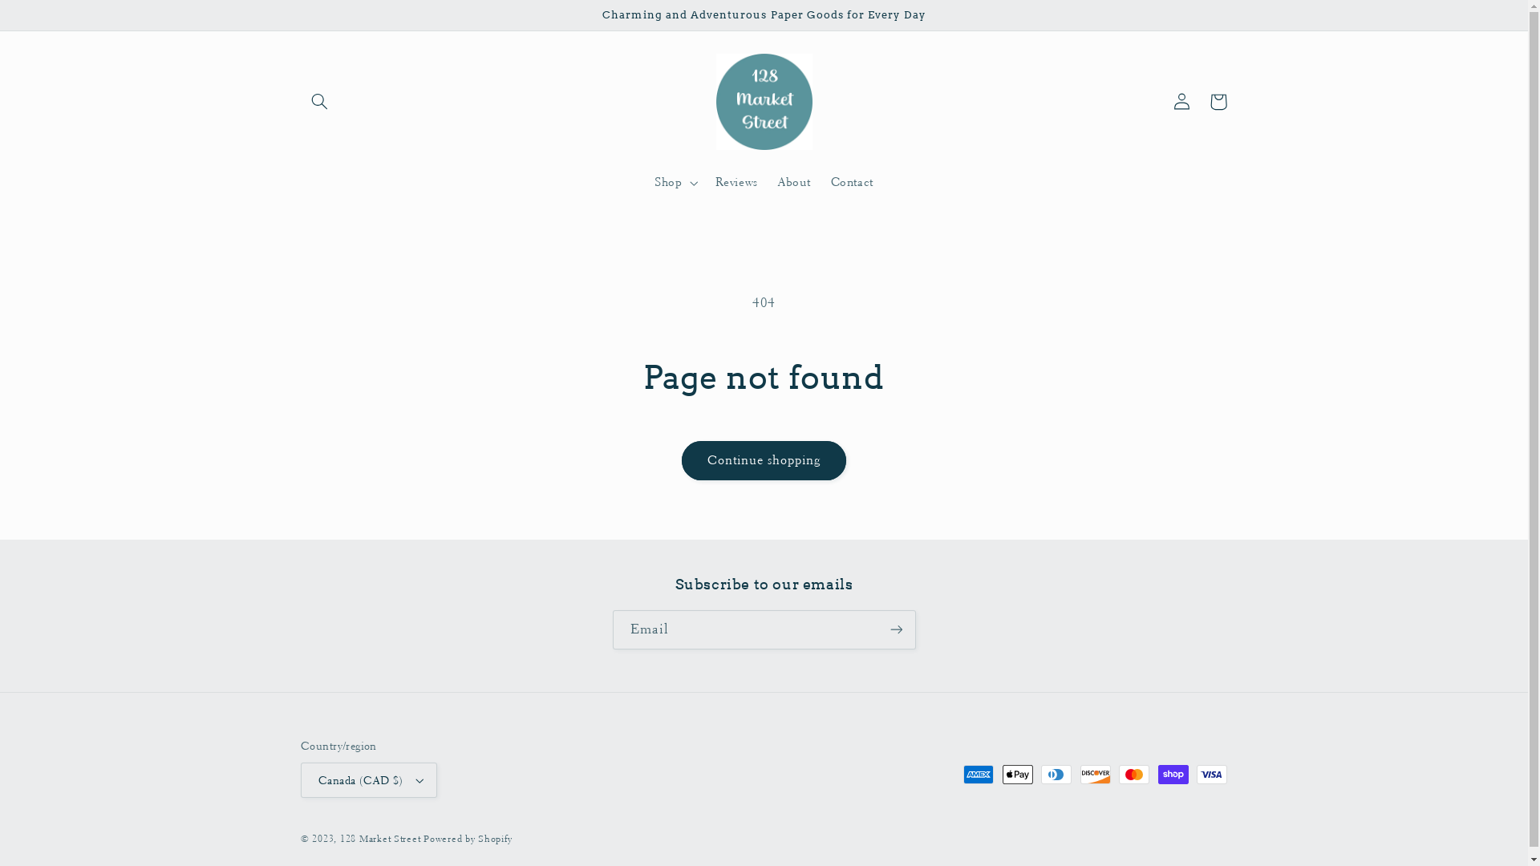 The height and width of the screenshot is (866, 1540). What do you see at coordinates (379, 838) in the screenshot?
I see `'128 Market Street'` at bounding box center [379, 838].